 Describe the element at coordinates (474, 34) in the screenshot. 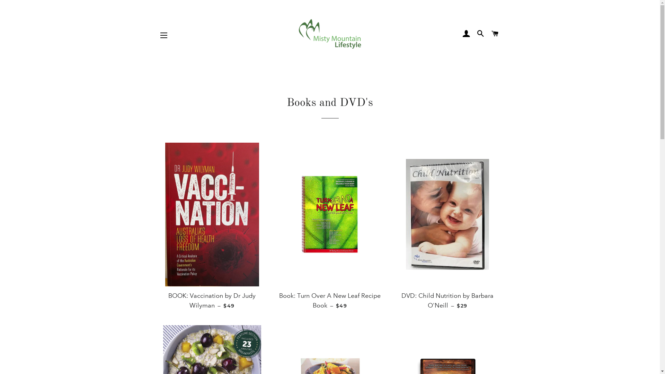

I see `'SEARCH'` at that location.